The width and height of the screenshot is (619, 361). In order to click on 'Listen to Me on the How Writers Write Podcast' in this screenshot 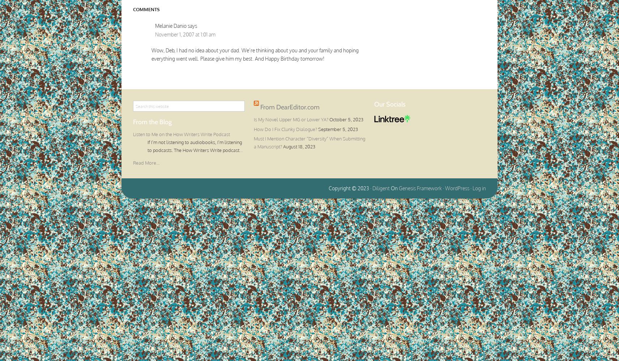, I will do `click(181, 134)`.